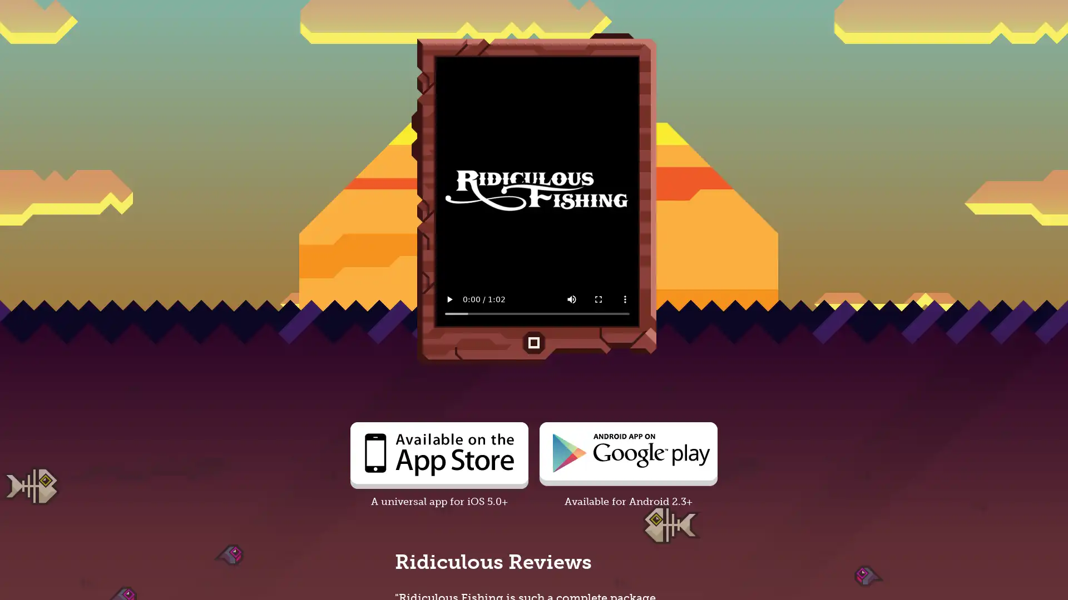 The image size is (1068, 600). Describe the element at coordinates (449, 299) in the screenshot. I see `play` at that location.